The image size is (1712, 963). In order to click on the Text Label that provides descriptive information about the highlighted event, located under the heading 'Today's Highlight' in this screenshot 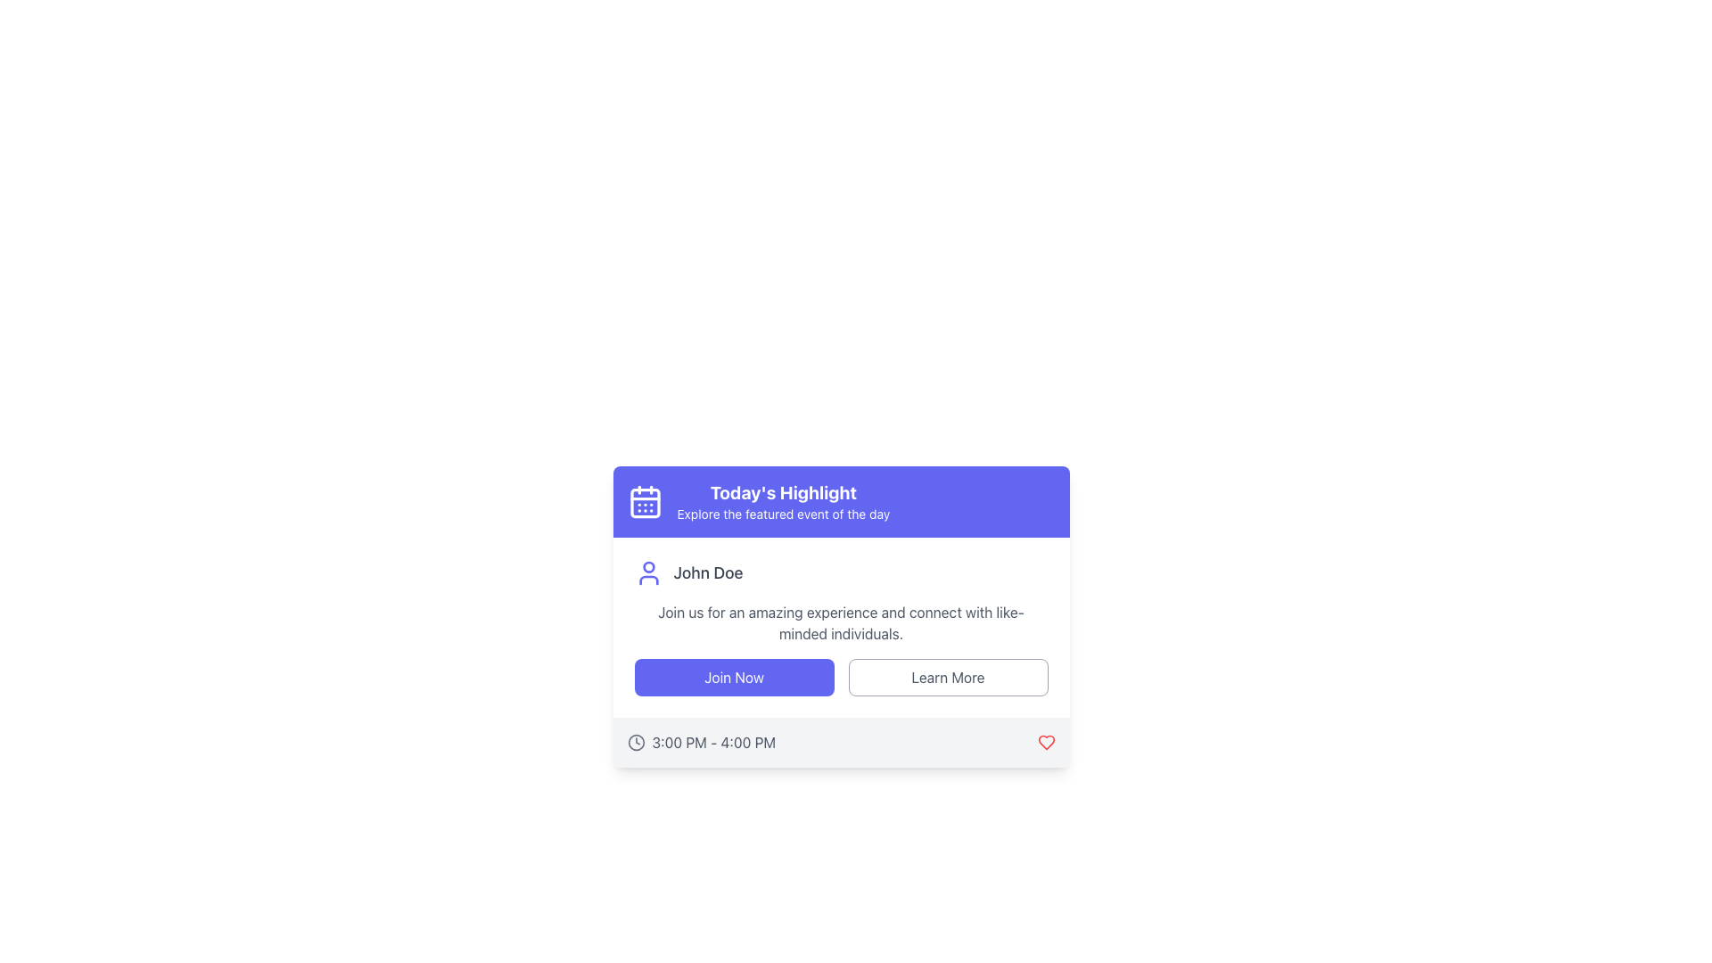, I will do `click(783, 514)`.